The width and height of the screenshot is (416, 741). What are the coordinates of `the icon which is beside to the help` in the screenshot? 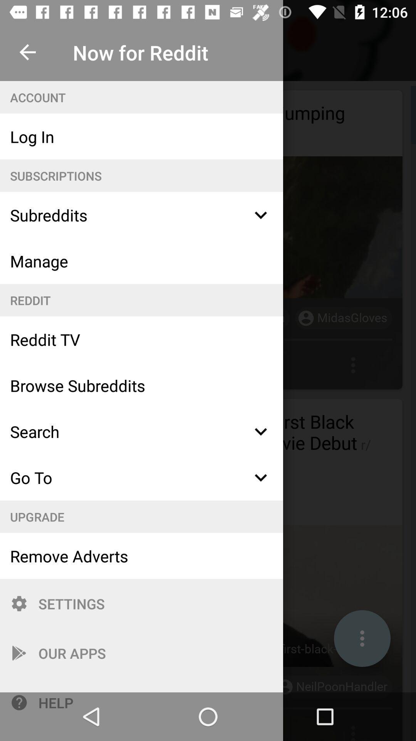 It's located at (19, 702).